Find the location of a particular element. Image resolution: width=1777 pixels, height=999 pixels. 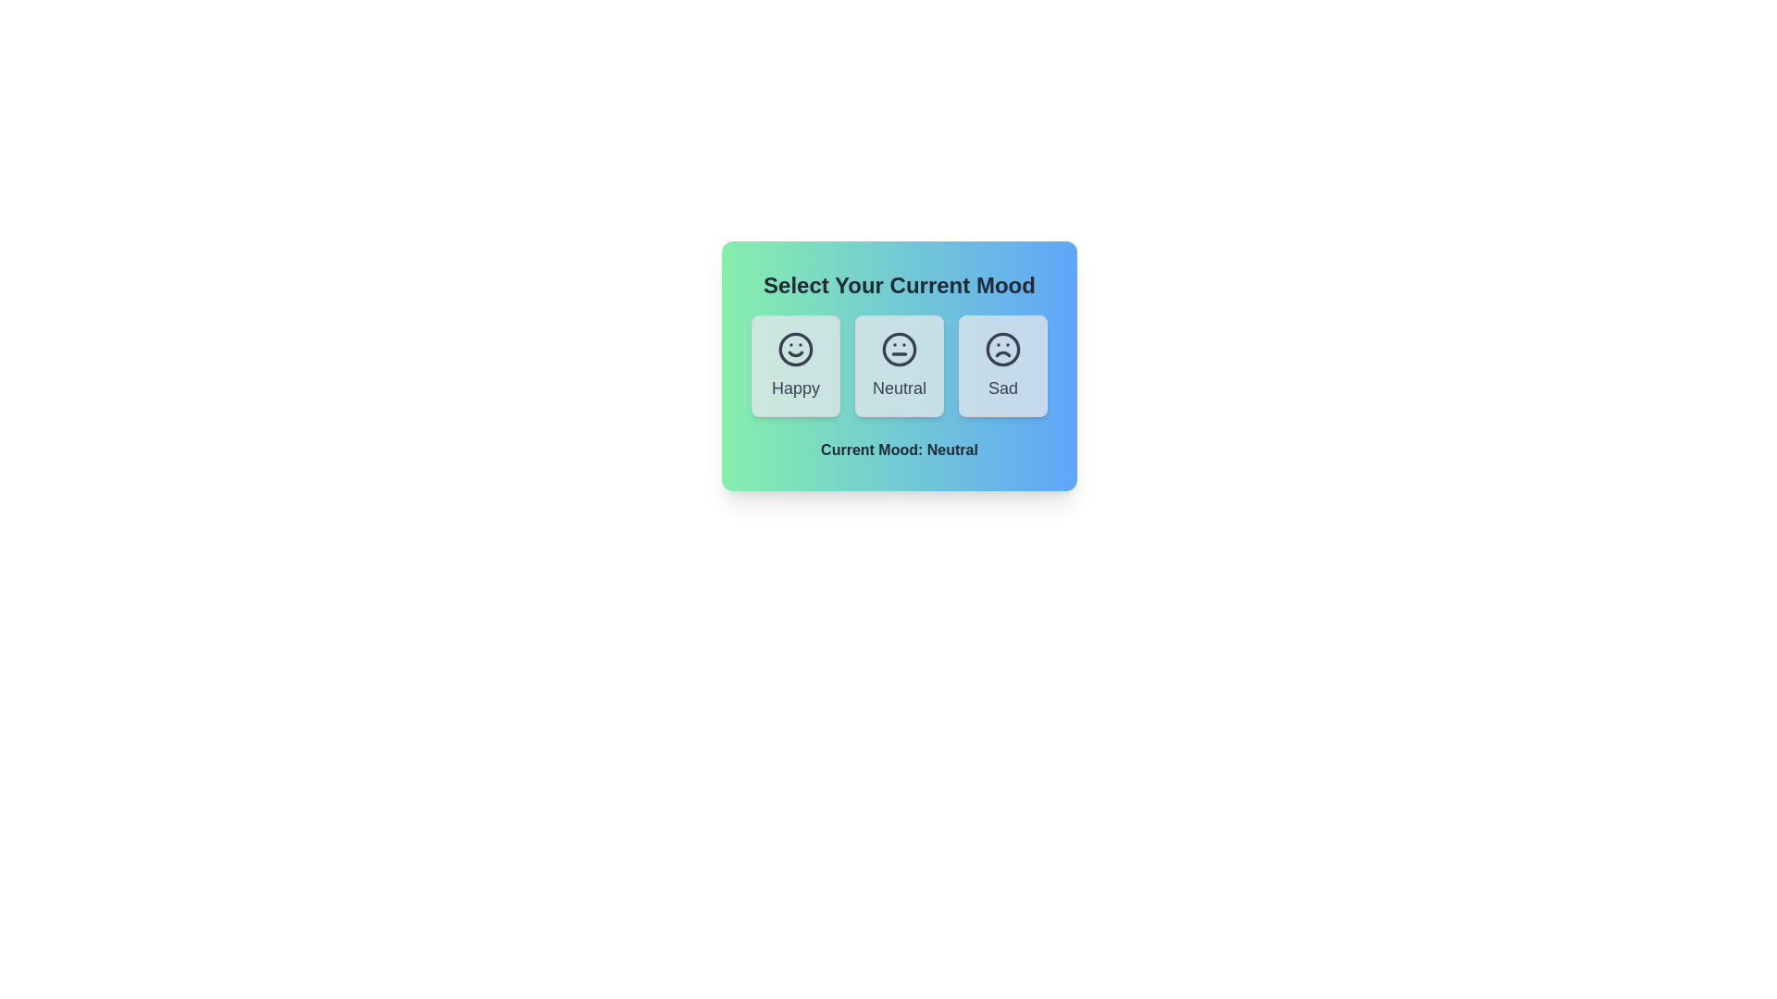

the mood button labeled Sad is located at coordinates (1002, 366).